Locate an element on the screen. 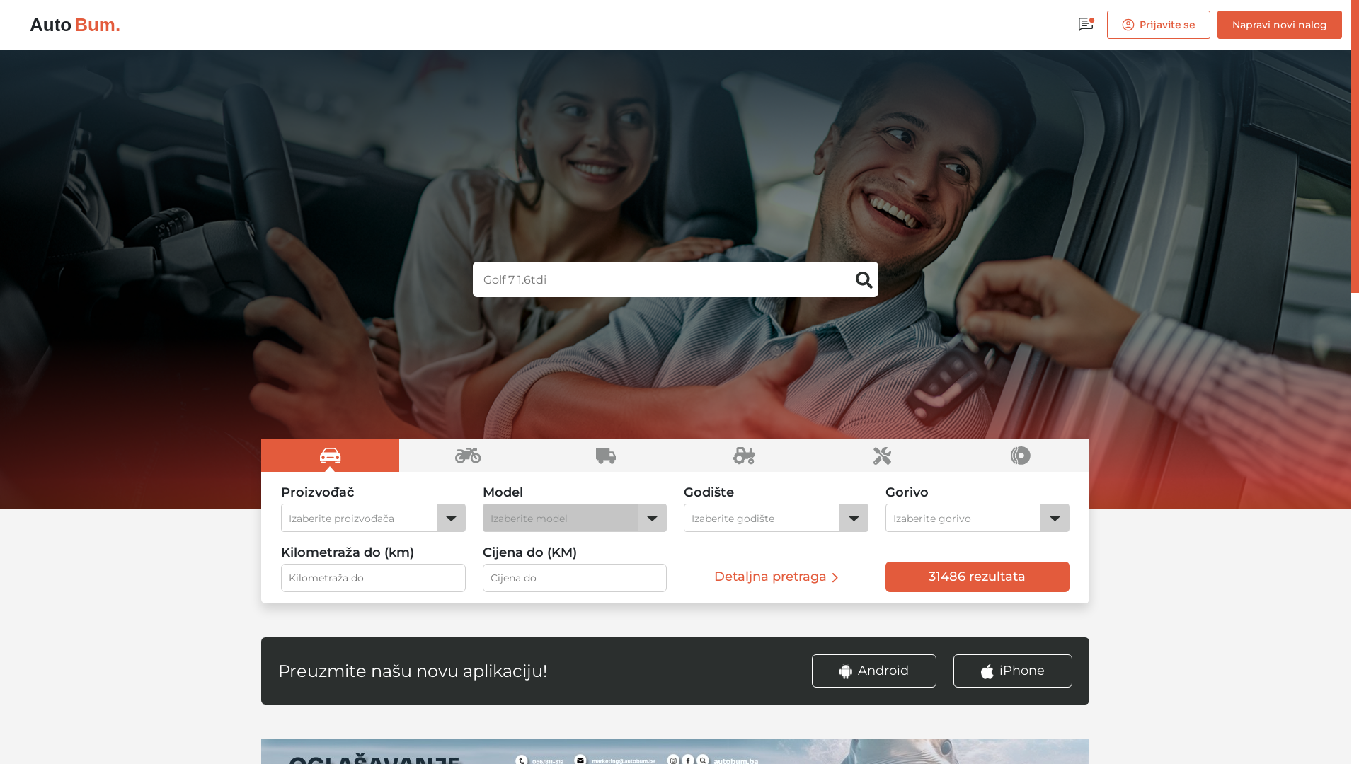 The width and height of the screenshot is (1359, 764). 'Detaljna pretraga' is located at coordinates (775, 576).